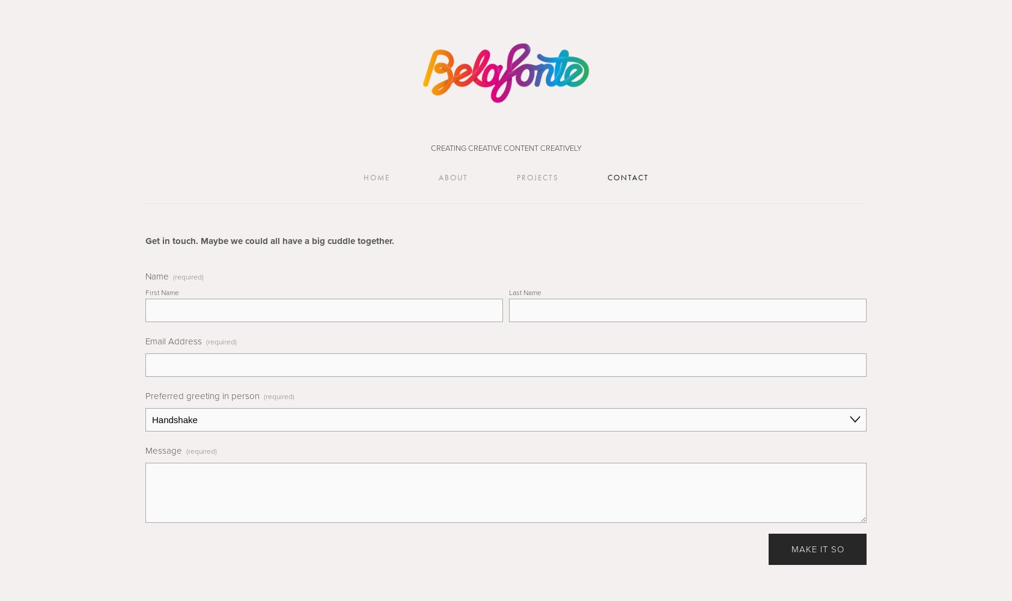 The height and width of the screenshot is (601, 1012). What do you see at coordinates (505, 147) in the screenshot?
I see `'CREATING CREATIVE CONTENT CREATIVELY'` at bounding box center [505, 147].